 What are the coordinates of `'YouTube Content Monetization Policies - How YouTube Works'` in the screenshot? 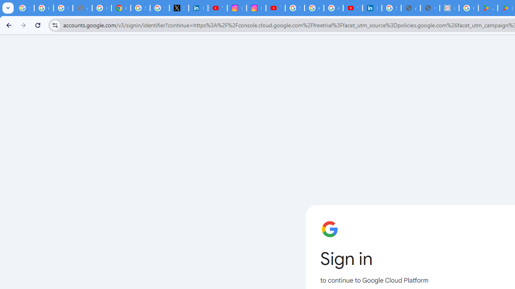 It's located at (217, 8).